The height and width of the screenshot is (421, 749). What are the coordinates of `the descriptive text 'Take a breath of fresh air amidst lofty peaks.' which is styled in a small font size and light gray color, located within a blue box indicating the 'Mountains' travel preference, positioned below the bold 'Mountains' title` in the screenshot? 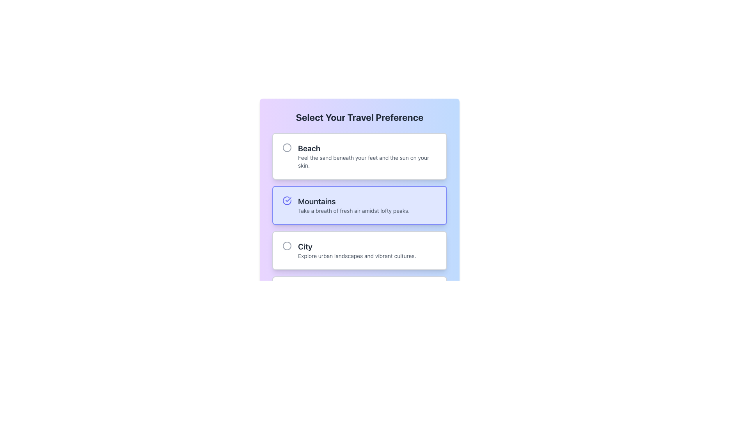 It's located at (353, 210).